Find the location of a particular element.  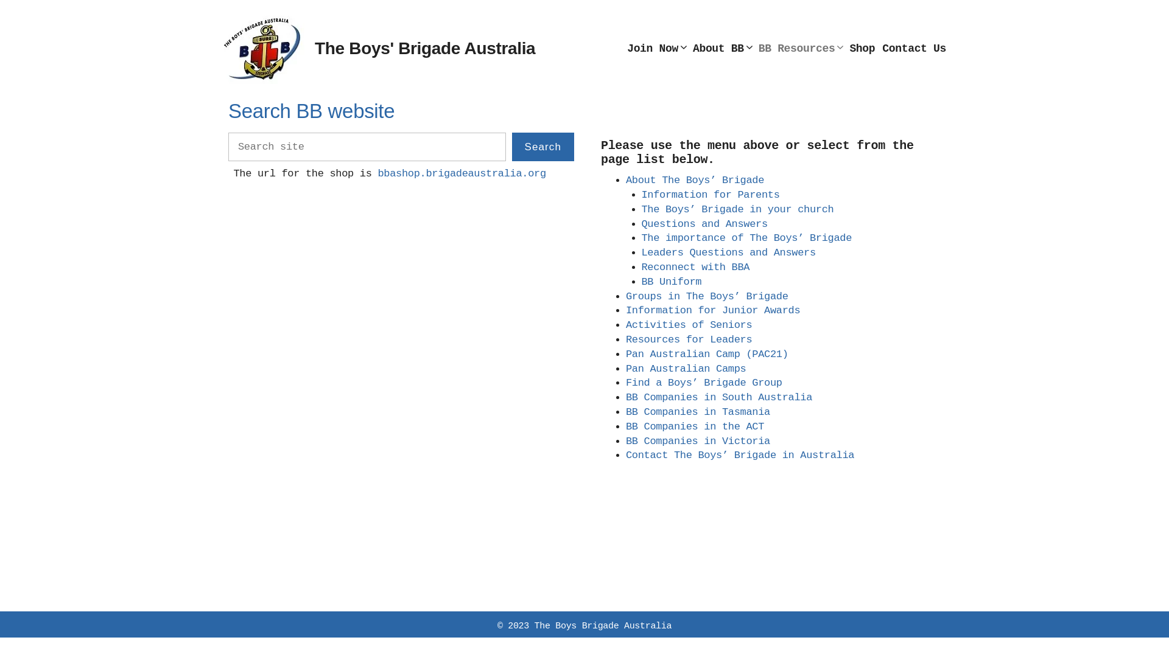

'bbashop.brigadeaustralia.org' is located at coordinates (461, 173).